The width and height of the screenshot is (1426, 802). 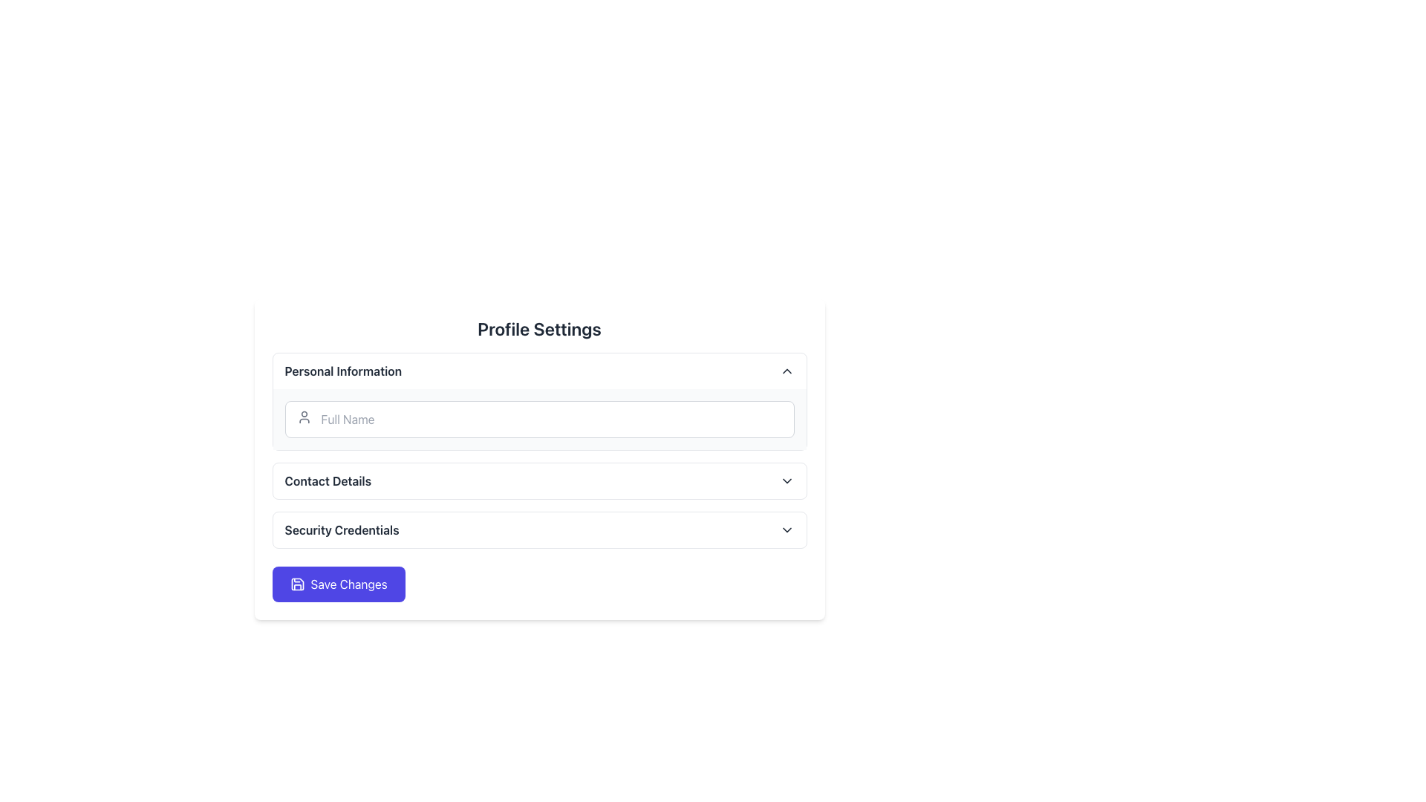 I want to click on text displayed on the 'Security Credentials' label in the third collapsible section of the profile settings panel, so click(x=341, y=529).